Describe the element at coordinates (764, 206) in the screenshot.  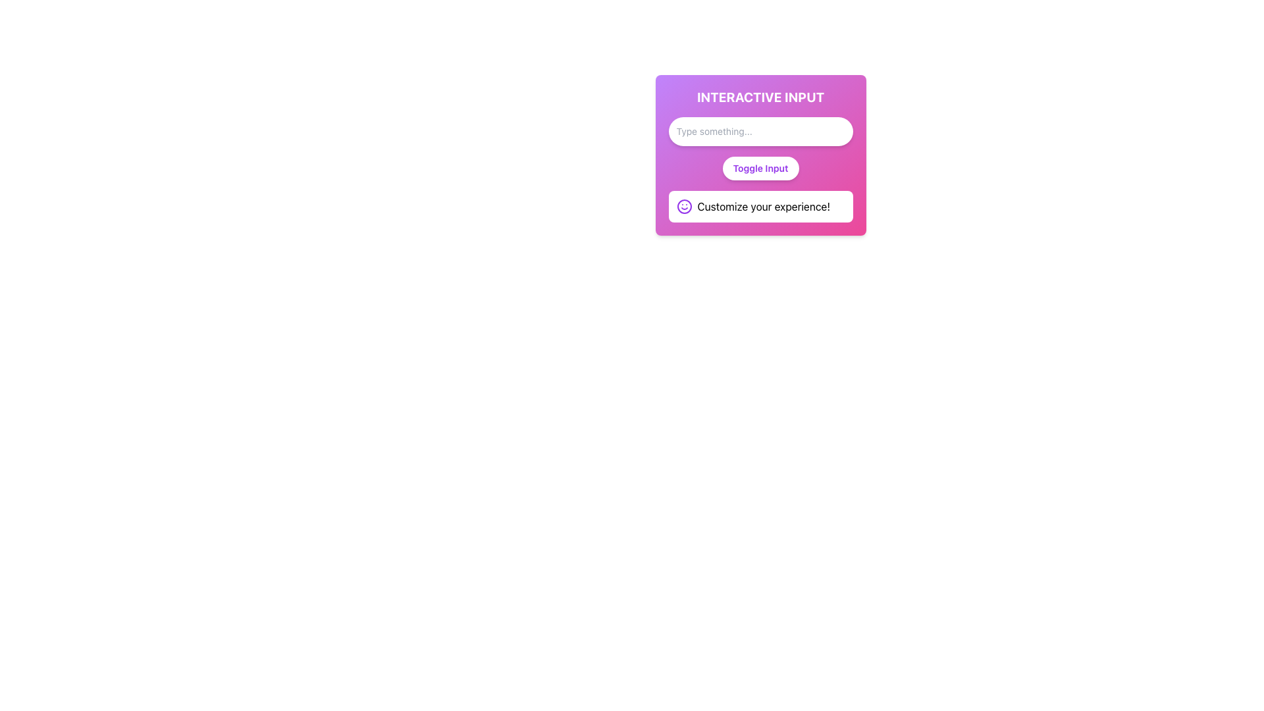
I see `the text label that reads 'Customize your experience!' which is styled in black font within a white, rounded-bordered background box` at that location.